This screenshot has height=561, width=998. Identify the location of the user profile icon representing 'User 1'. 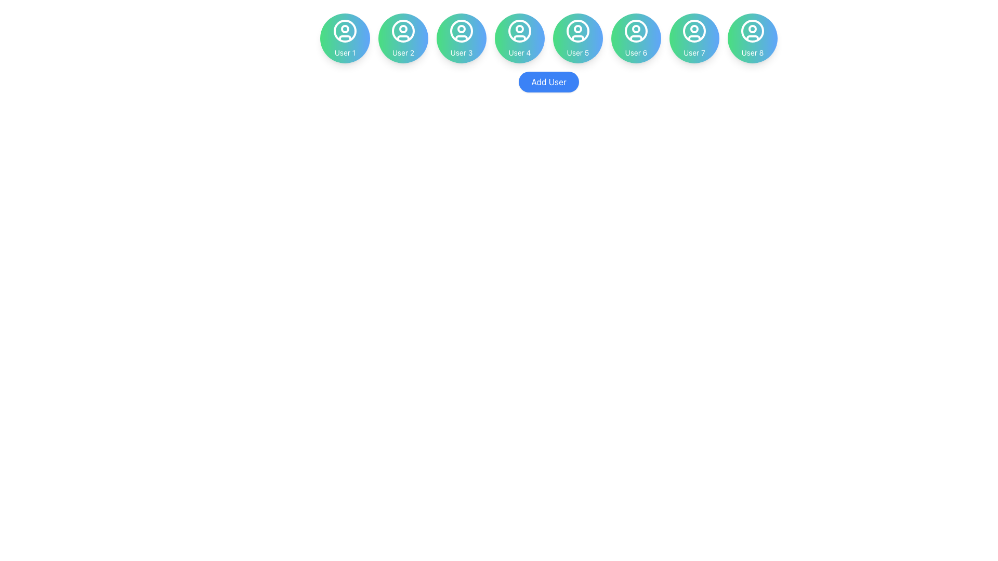
(345, 31).